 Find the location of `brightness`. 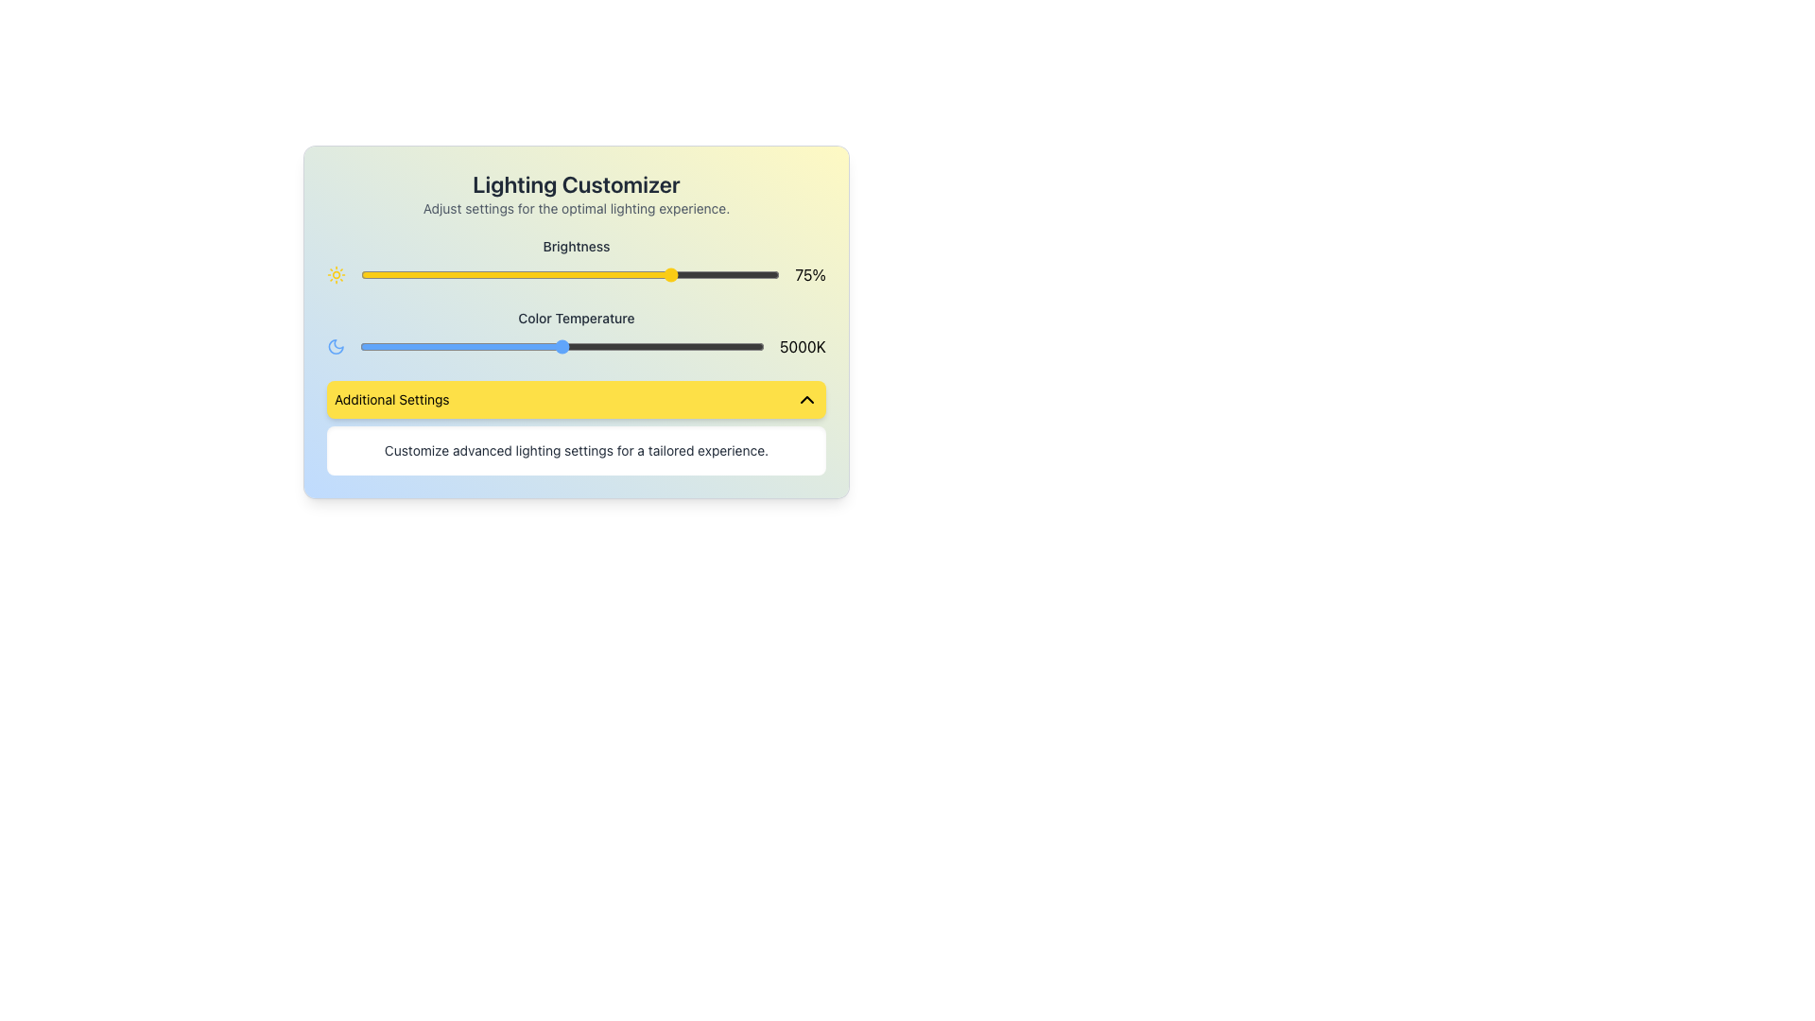

brightness is located at coordinates (767, 274).